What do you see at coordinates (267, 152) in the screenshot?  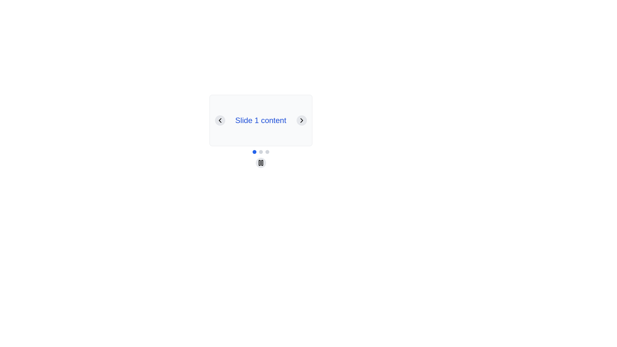 I see `the third dot indicator, which is part of a carousel or slideshow, located below the 'Slide 1 content' box` at bounding box center [267, 152].